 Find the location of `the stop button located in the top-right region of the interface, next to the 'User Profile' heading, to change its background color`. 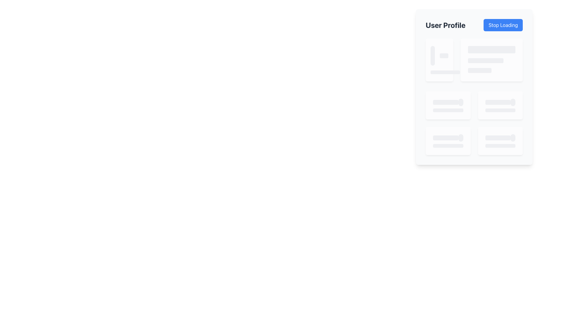

the stop button located in the top-right region of the interface, next to the 'User Profile' heading, to change its background color is located at coordinates (503, 25).